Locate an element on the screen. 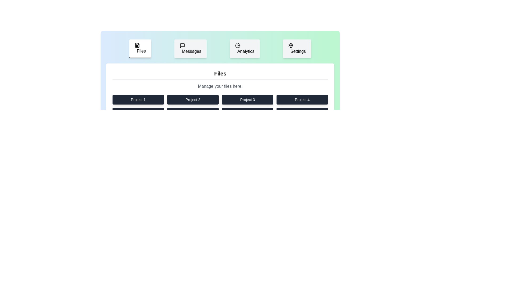 This screenshot has height=288, width=512. the Messages tab to switch its content is located at coordinates (190, 49).